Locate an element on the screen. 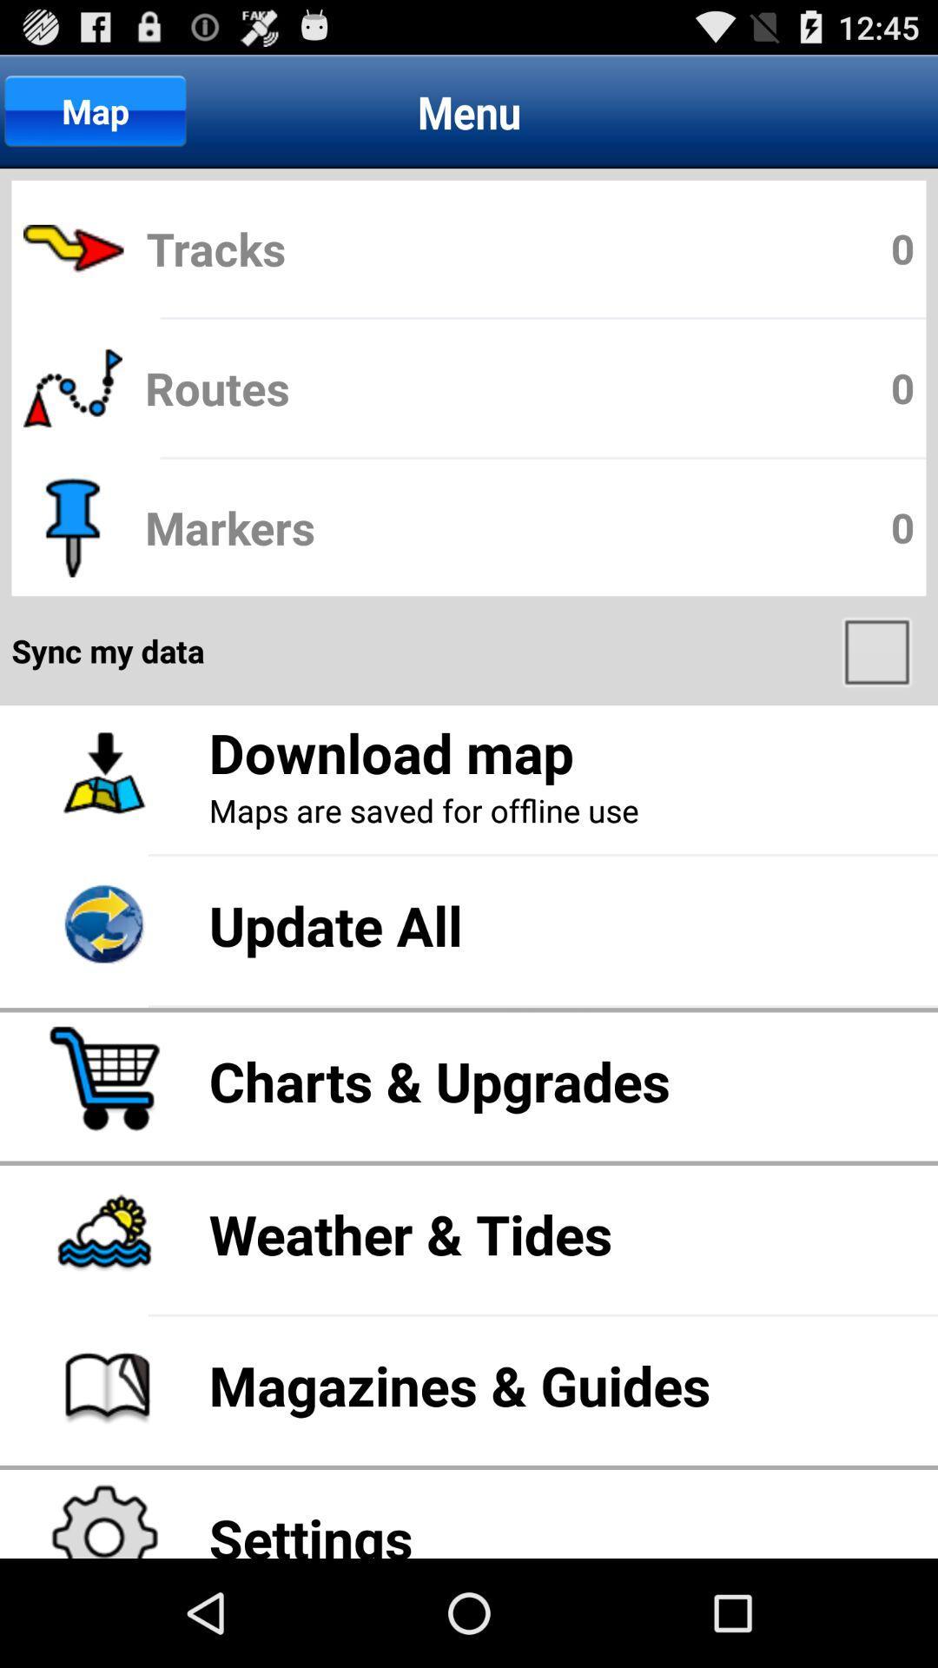  app above the download map icon is located at coordinates (879, 650).